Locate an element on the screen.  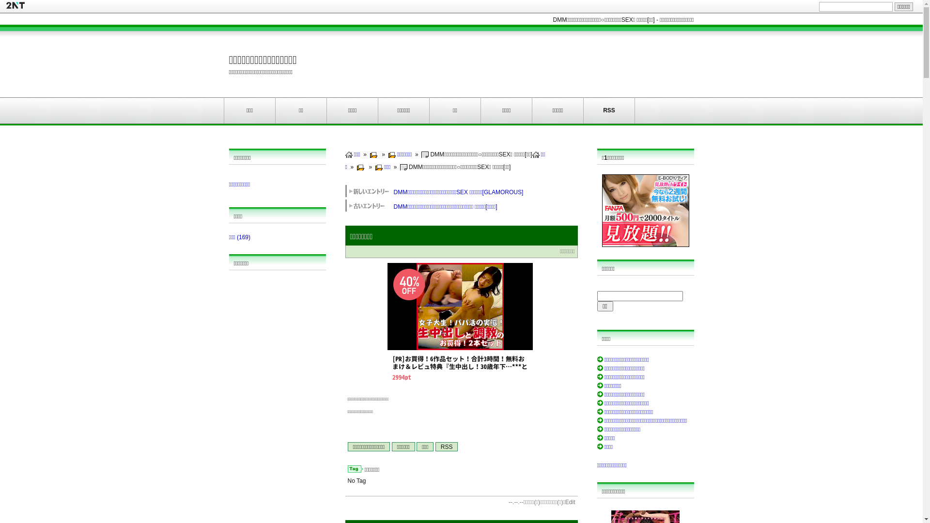
'Edit' is located at coordinates (565, 502).